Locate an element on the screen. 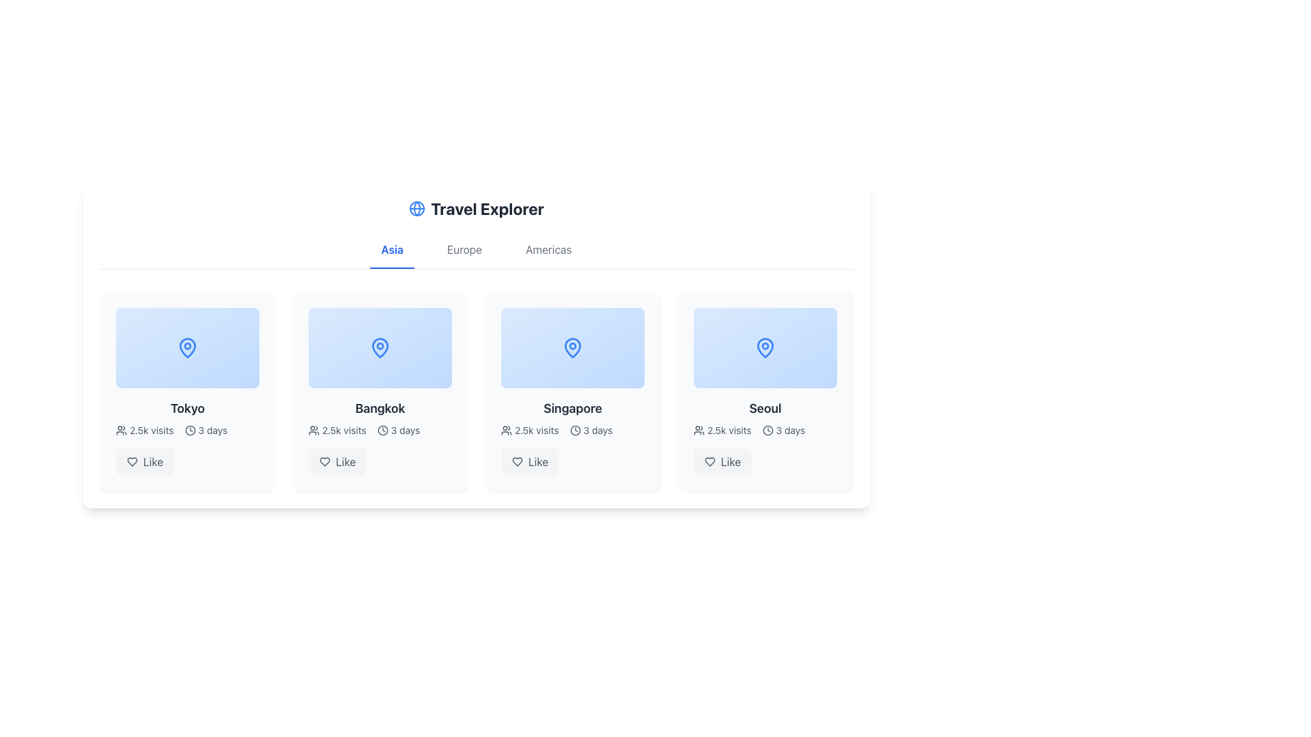 The height and width of the screenshot is (737, 1311). the 'Like' button located at the bottom right corner of the Singapore card to trigger the hover effect is located at coordinates (529, 461).